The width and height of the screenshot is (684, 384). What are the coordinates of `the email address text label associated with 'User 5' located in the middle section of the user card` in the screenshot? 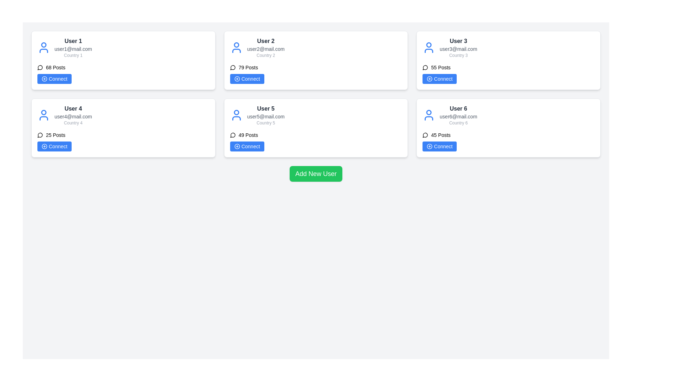 It's located at (265, 116).